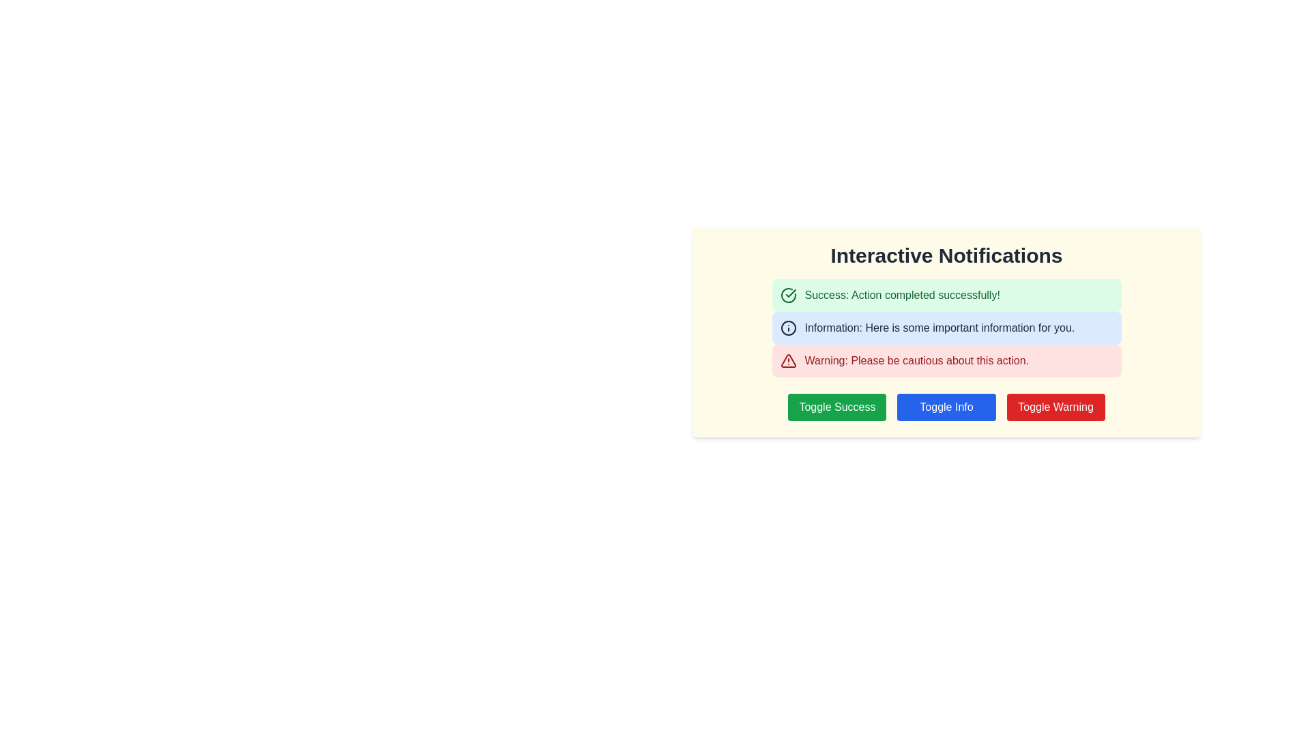  What do you see at coordinates (788, 328) in the screenshot?
I see `the information icon located at the leftmost part of the notification bar labeled with 'Information: Here is some important information for you.'` at bounding box center [788, 328].